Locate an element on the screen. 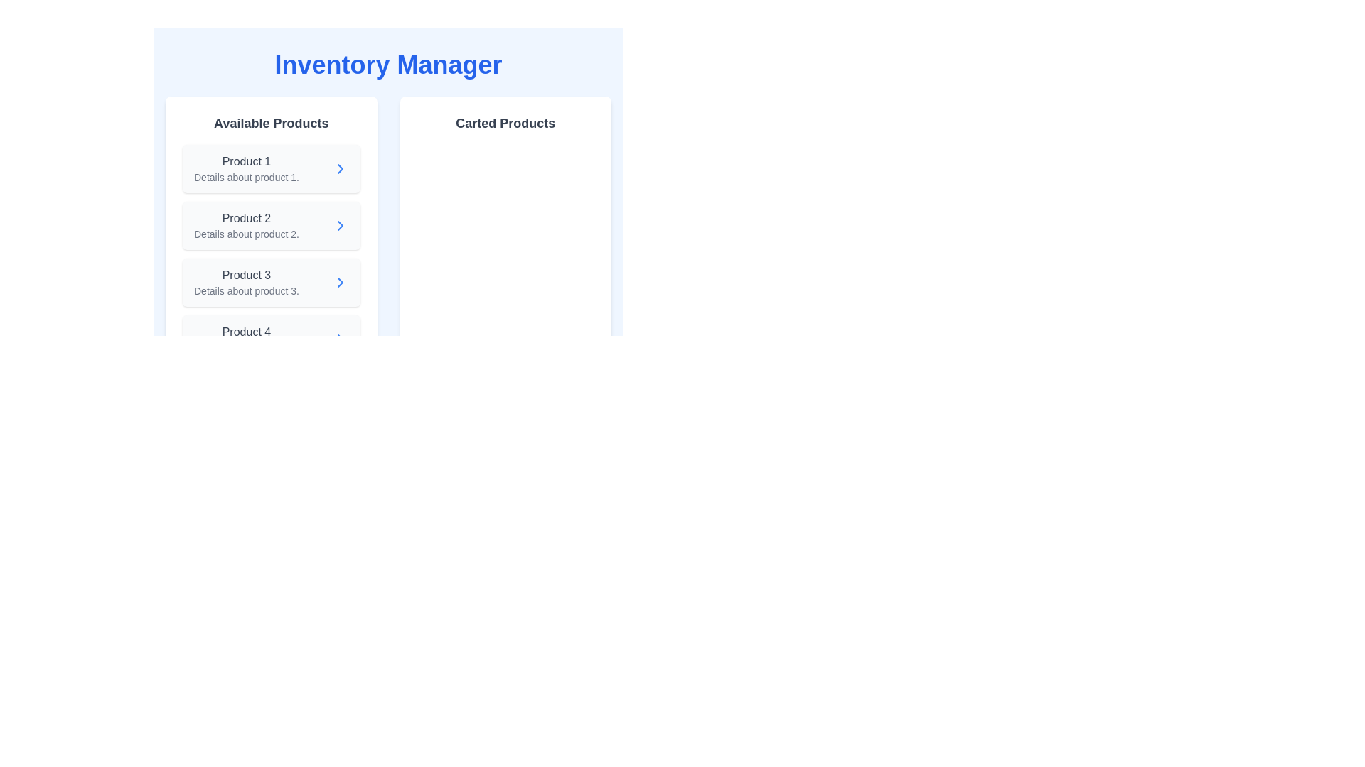 This screenshot has width=1365, height=767. the product information text block located at the top of the 'Available Products' list is located at coordinates (246, 168).